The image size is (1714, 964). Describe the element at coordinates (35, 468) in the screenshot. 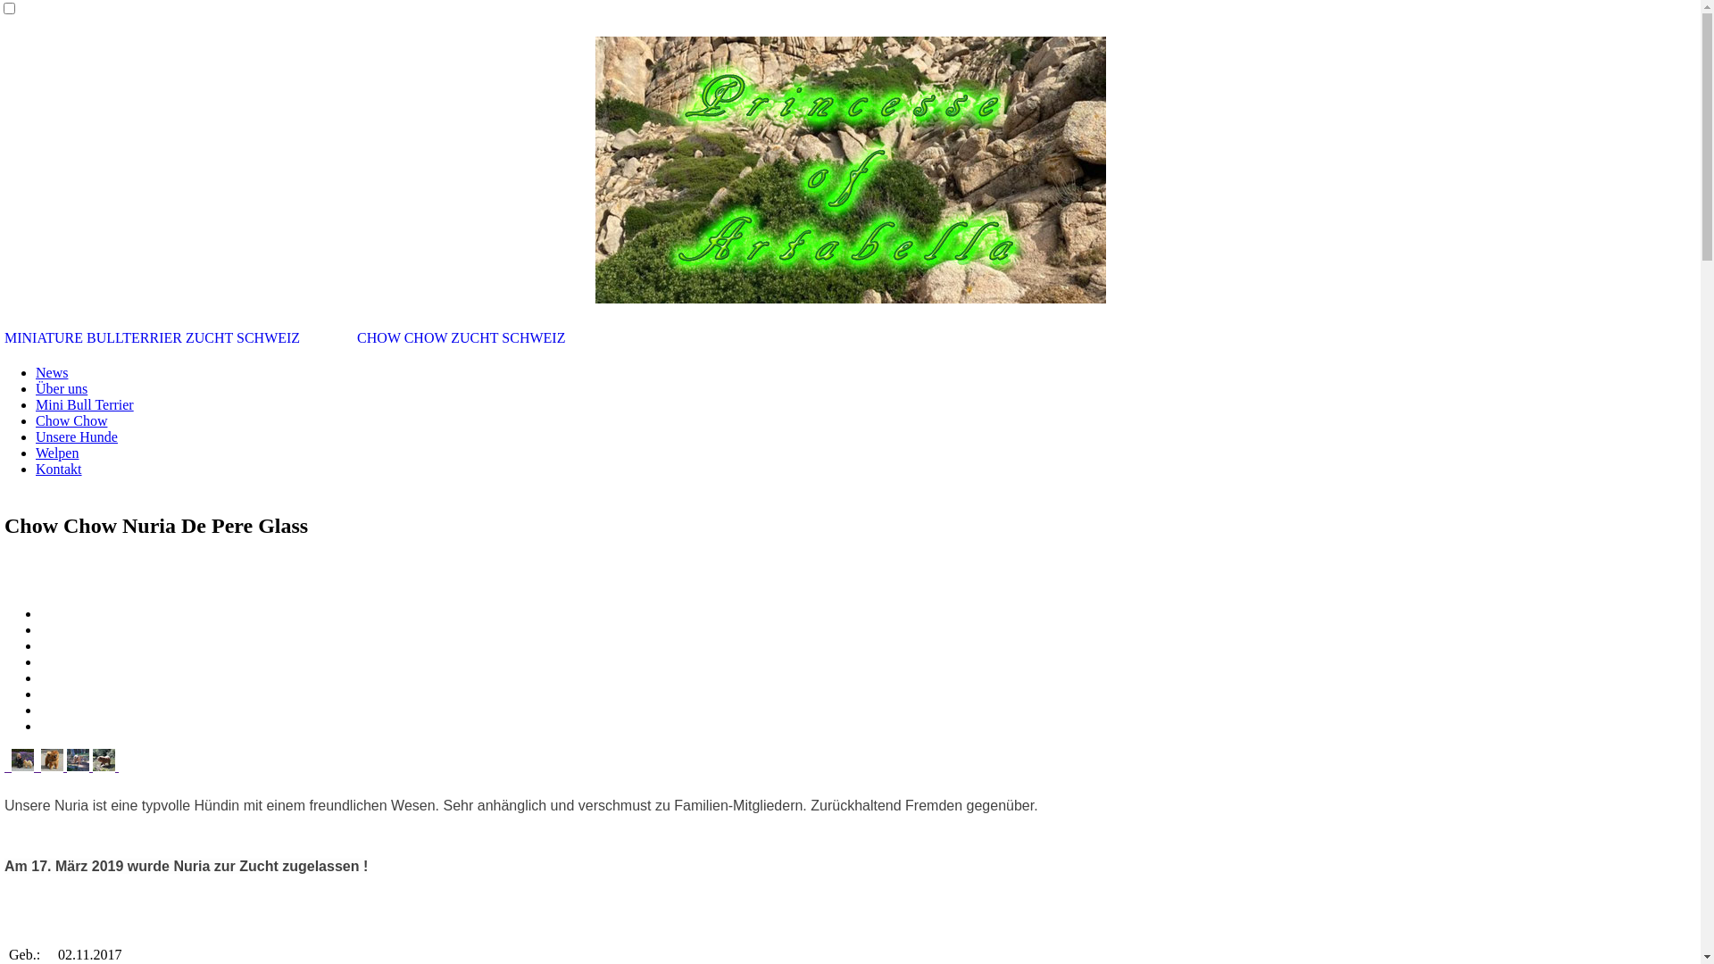

I see `'Kontakt'` at that location.